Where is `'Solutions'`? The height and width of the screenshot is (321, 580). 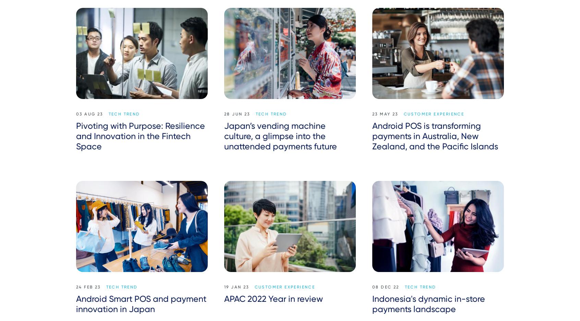
'Solutions' is located at coordinates (76, 240).